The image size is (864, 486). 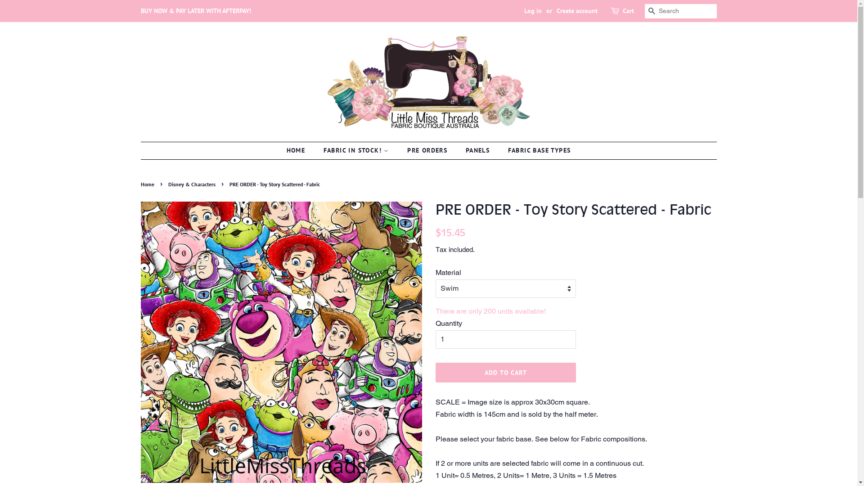 I want to click on 'ADD TO CART', so click(x=506, y=373).